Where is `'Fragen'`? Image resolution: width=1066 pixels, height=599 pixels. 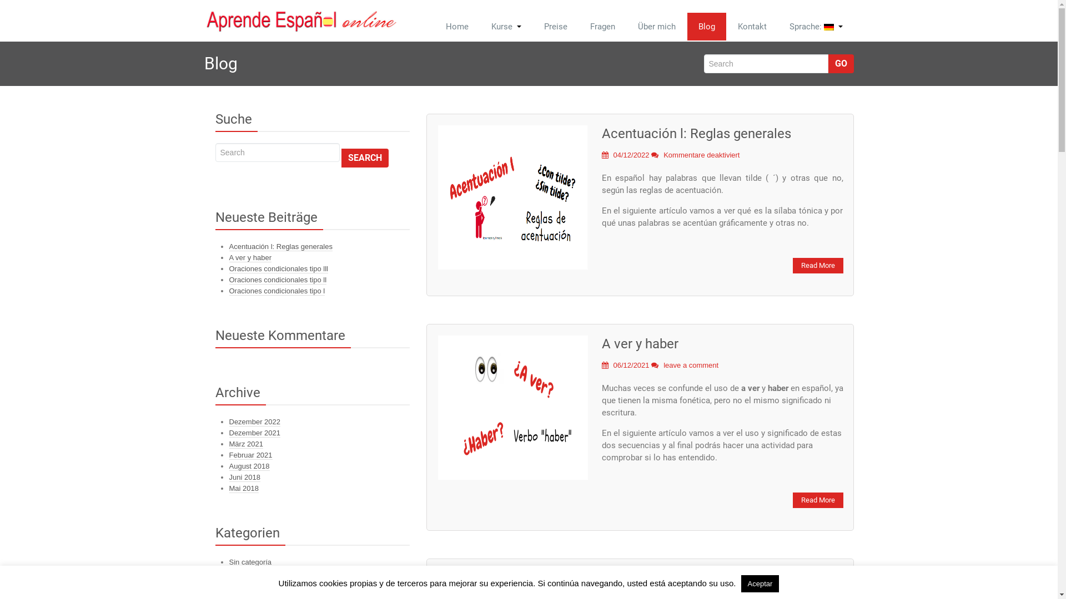 'Fragen' is located at coordinates (601, 26).